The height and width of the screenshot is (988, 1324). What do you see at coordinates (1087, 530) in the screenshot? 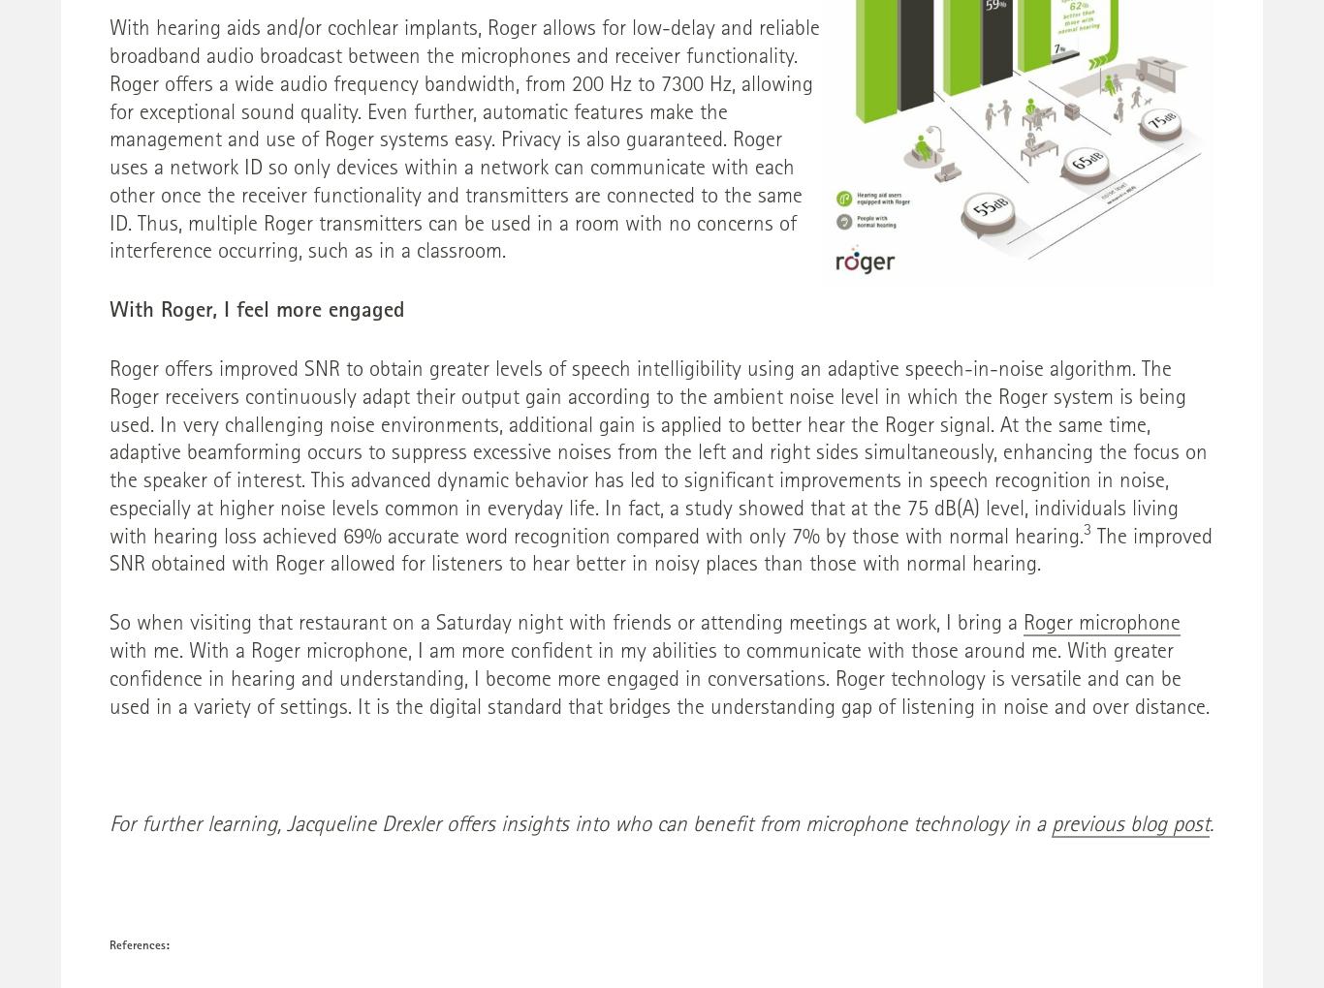
I see `'3'` at bounding box center [1087, 530].